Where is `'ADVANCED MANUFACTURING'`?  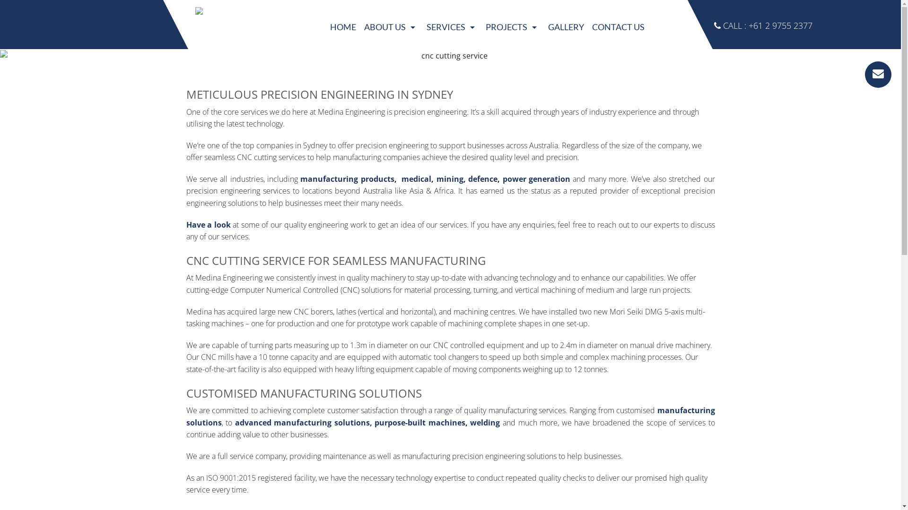 'ADVANCED MANUFACTURING' is located at coordinates (421, 98).